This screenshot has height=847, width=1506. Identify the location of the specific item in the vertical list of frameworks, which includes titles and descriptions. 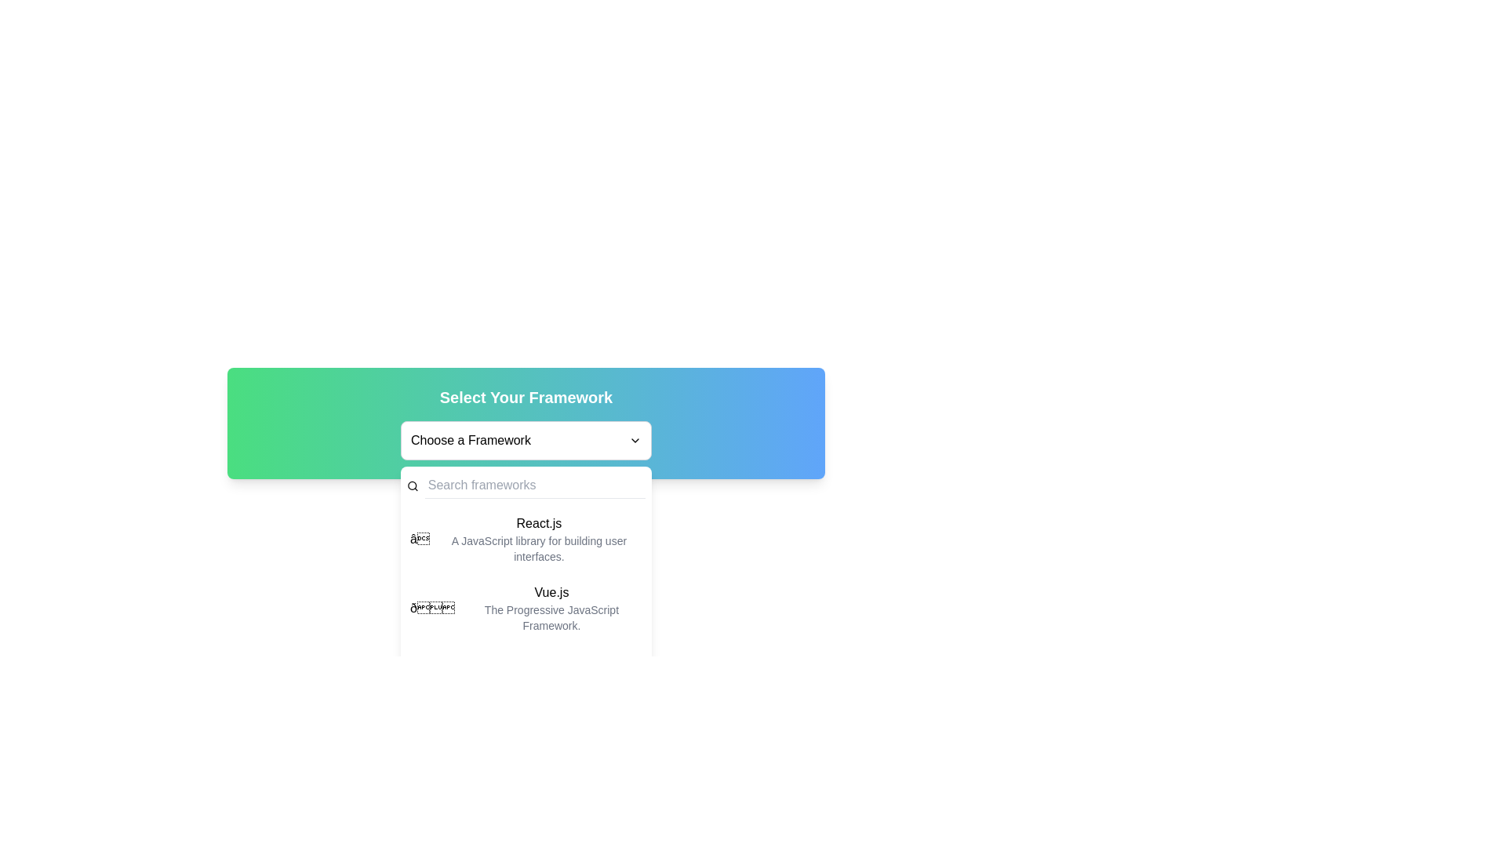
(526, 626).